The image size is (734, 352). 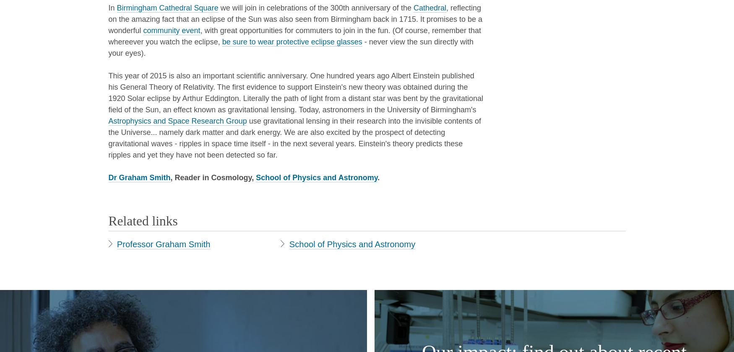 I want to click on 'use gravitational lensing in their research into the invisible contents of the Universe... namely dark matter and dark energy. We are also excited by the prospect of detecting gravitational waves - ripples in space time itself - in the next several years. Einstein's theory predicts these ripples and yet they have not been detected so far.', so click(x=294, y=137).